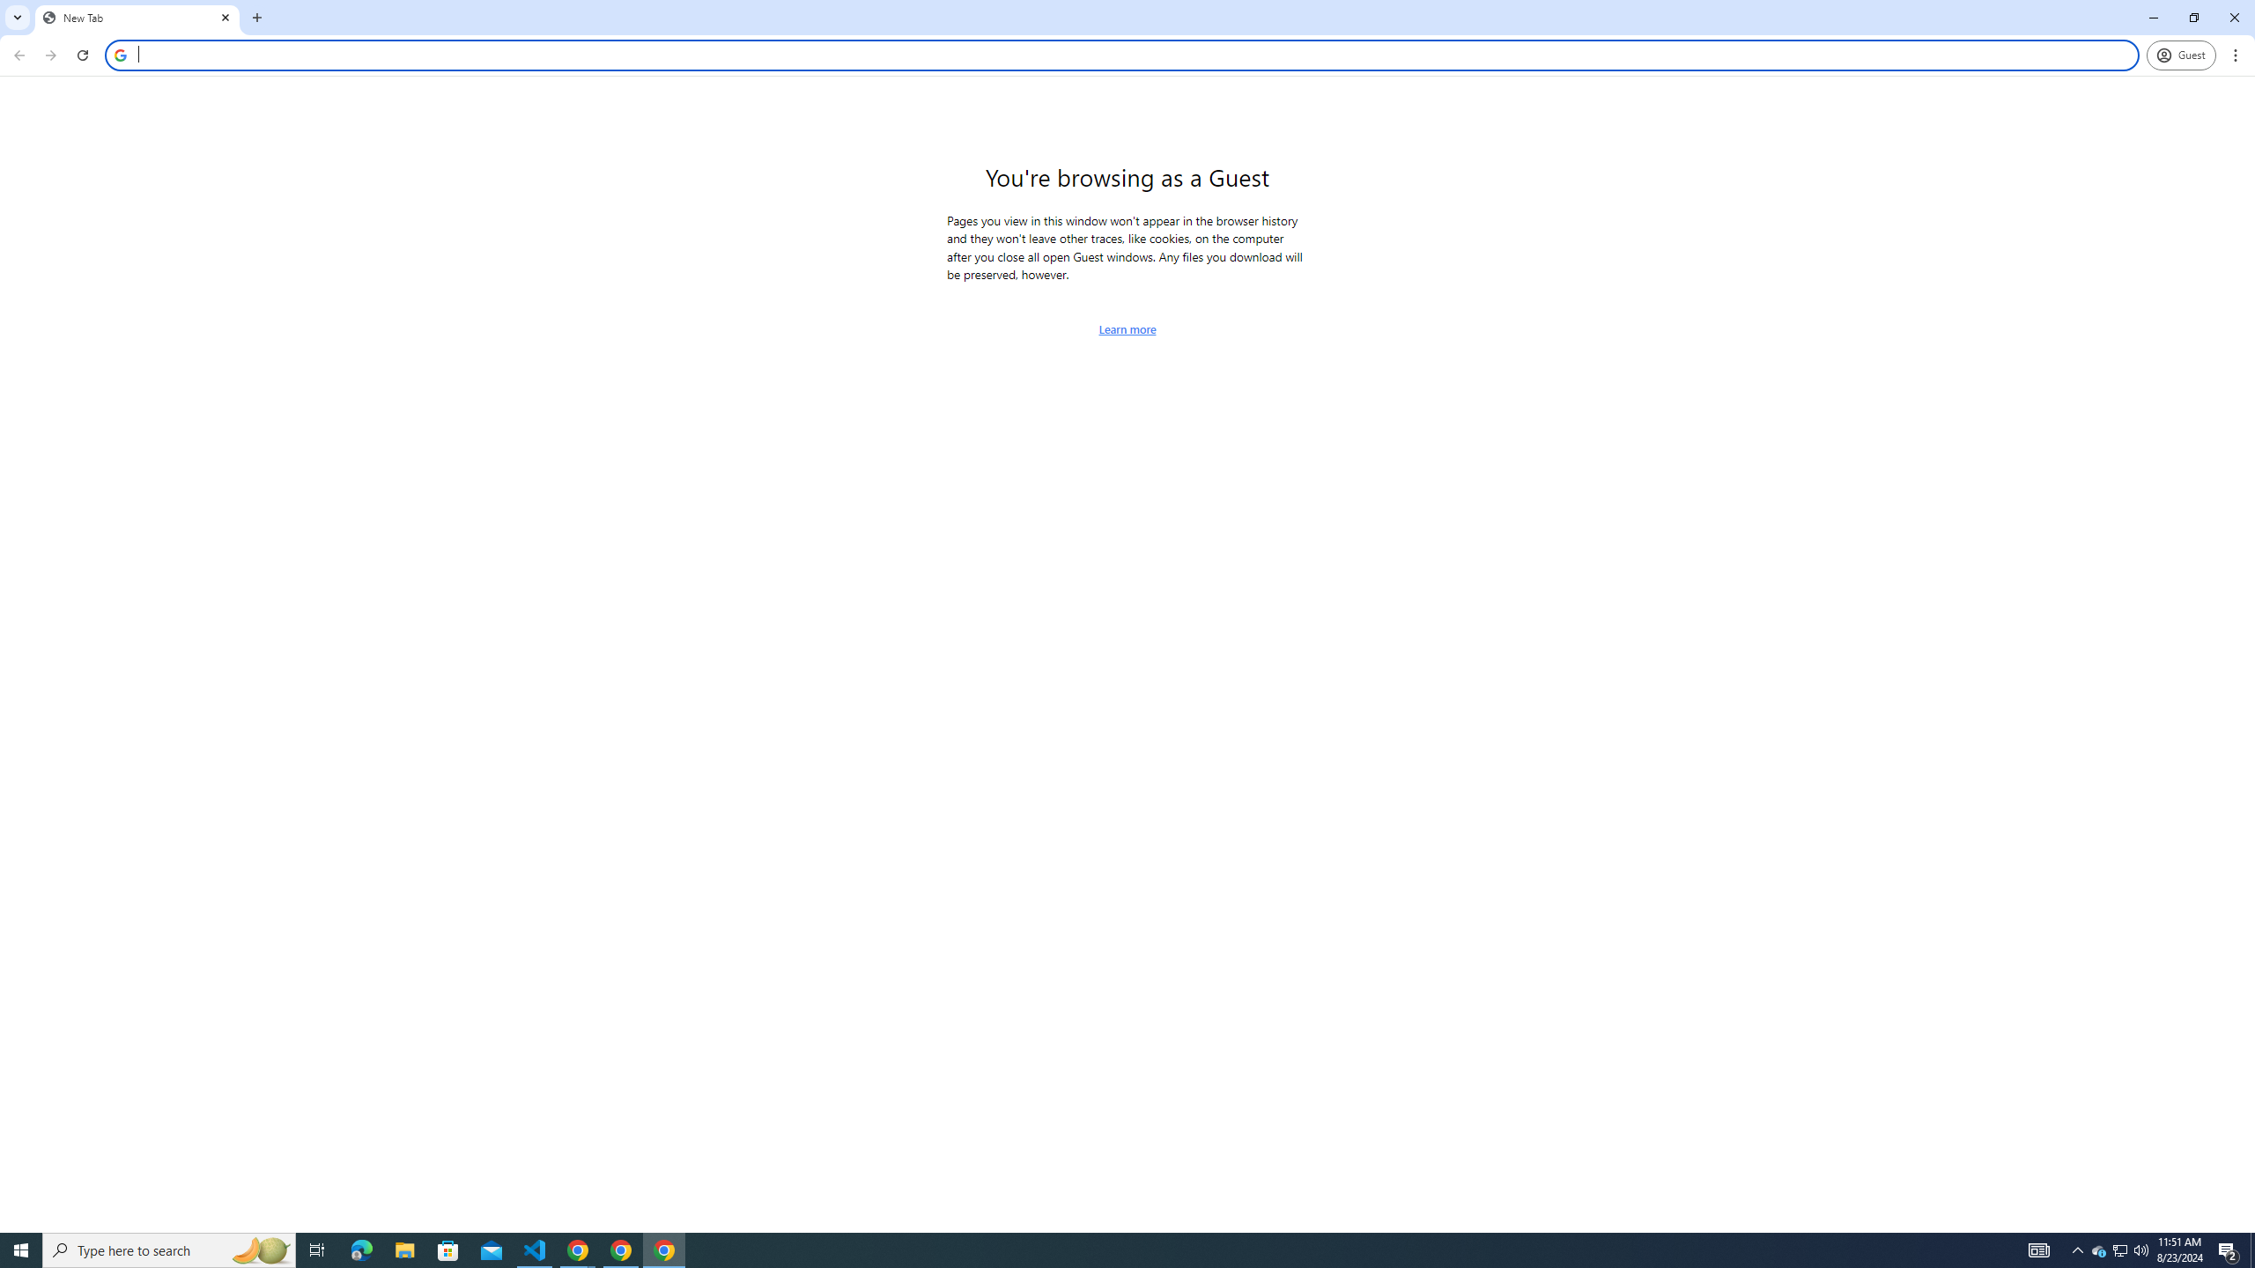 The width and height of the screenshot is (2255, 1268). Describe the element at coordinates (2180, 55) in the screenshot. I see `'Guest'` at that location.